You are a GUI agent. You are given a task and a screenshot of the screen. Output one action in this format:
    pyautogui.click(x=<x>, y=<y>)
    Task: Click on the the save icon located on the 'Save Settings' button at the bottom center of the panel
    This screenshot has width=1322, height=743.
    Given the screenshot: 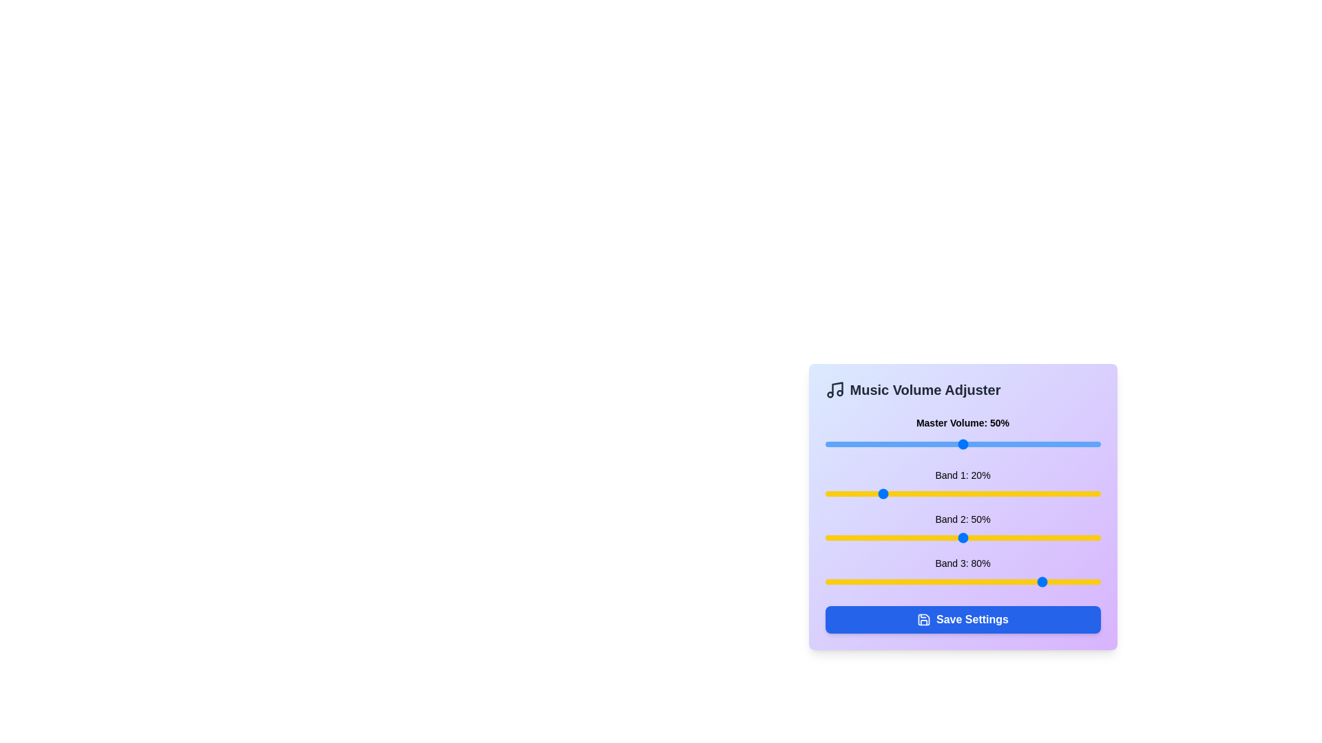 What is the action you would take?
    pyautogui.click(x=924, y=620)
    